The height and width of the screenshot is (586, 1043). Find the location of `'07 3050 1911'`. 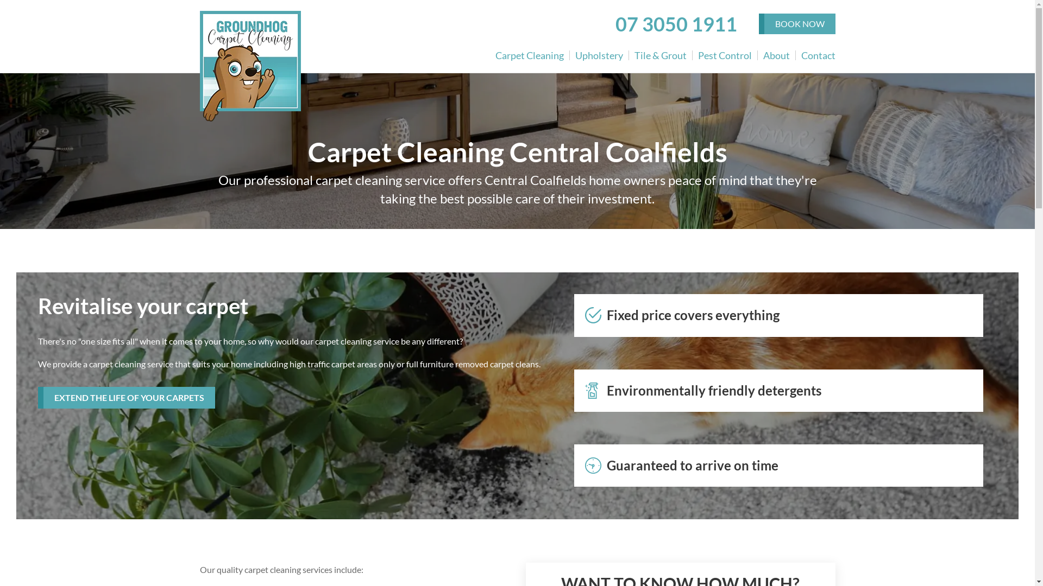

'07 3050 1911' is located at coordinates (675, 23).